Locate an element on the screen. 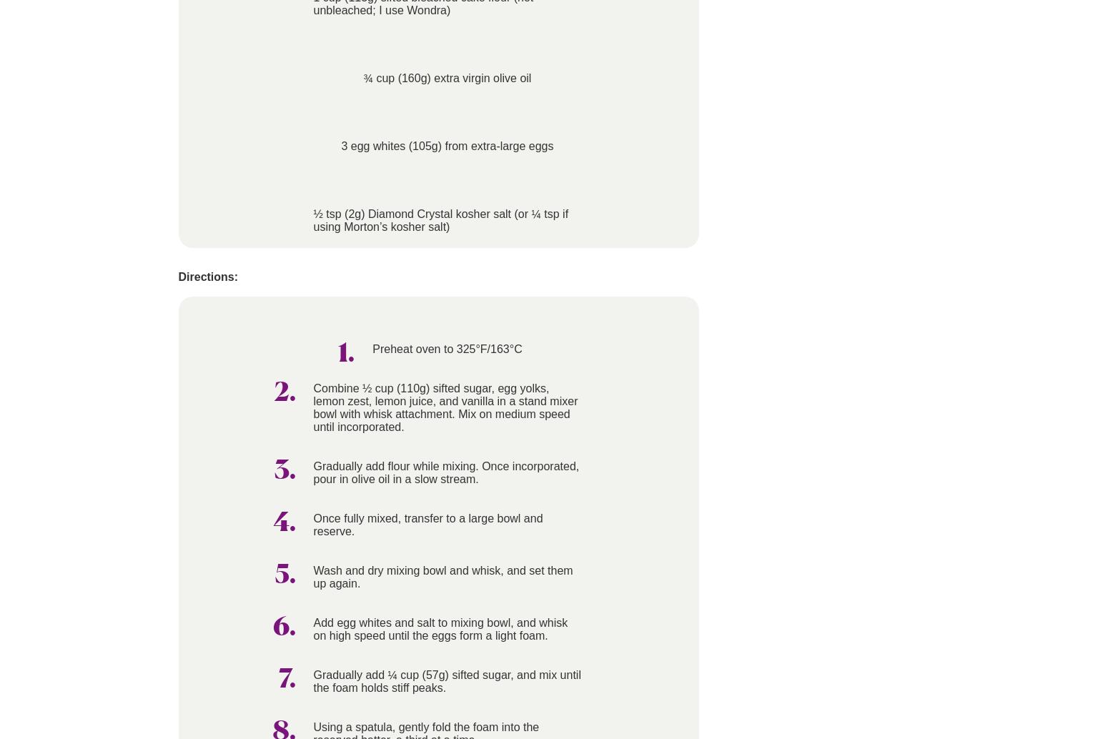  '½ tsp (2g) Diamond Crystal kosher salt (or ¼ tsp if using Morton’s kosher salt)' is located at coordinates (440, 219).